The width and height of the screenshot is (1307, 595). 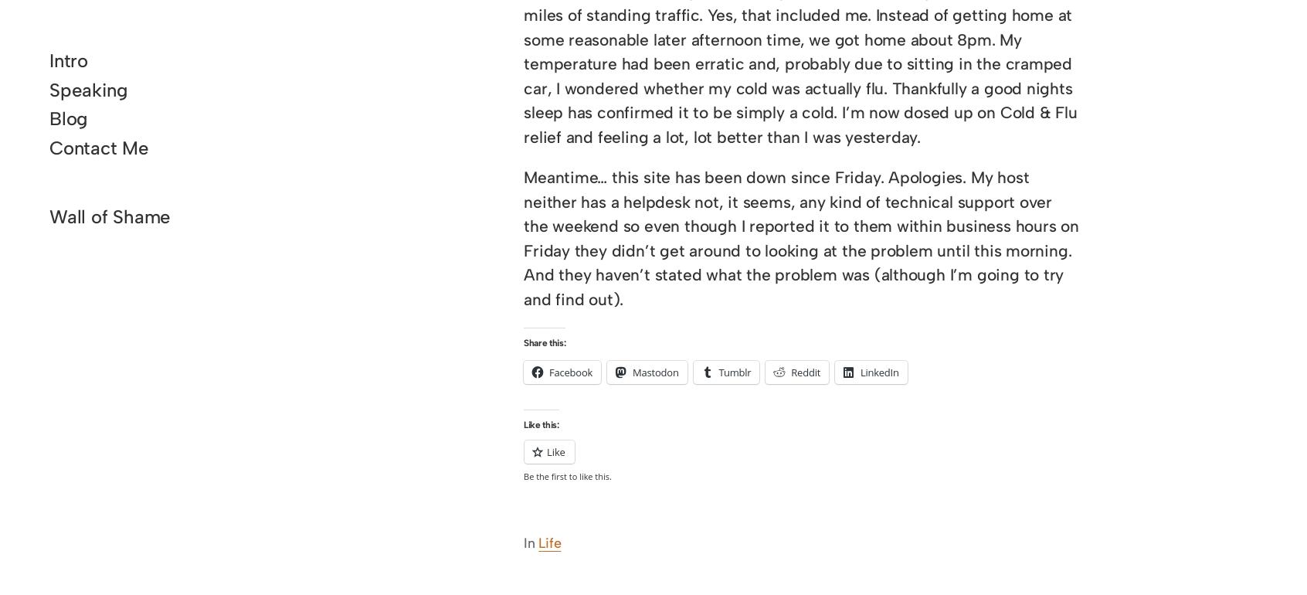 What do you see at coordinates (48, 60) in the screenshot?
I see `'Intro'` at bounding box center [48, 60].